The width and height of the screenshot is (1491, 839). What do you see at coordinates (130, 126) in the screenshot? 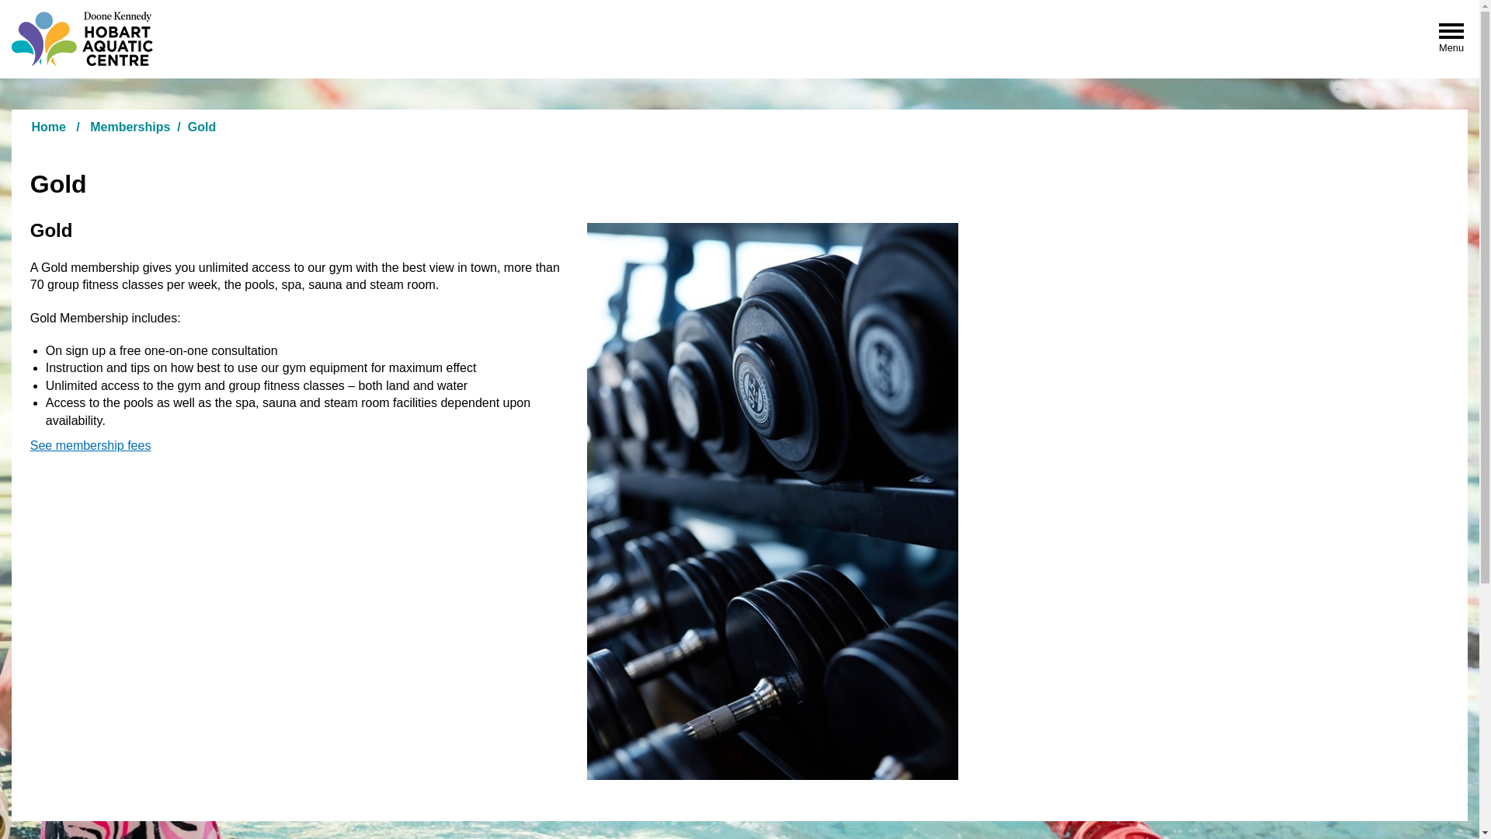
I see `'Memberships'` at bounding box center [130, 126].